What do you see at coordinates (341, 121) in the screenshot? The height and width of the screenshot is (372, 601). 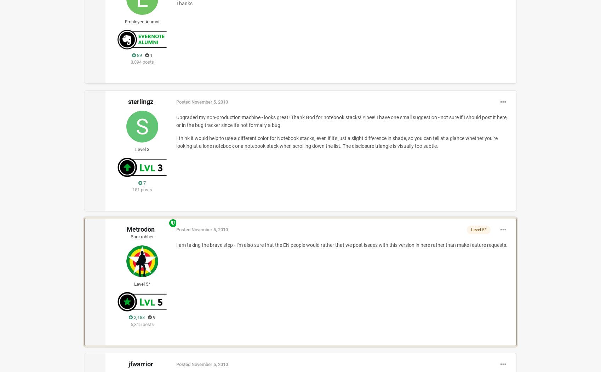 I see `'Upgraded my non-production machine - looks great! Thank God for notebook stacks! Yipee! I have one small suggestion - not sure if I should post it here, or in the bug tracker since it's not formally a bug.'` at bounding box center [341, 121].